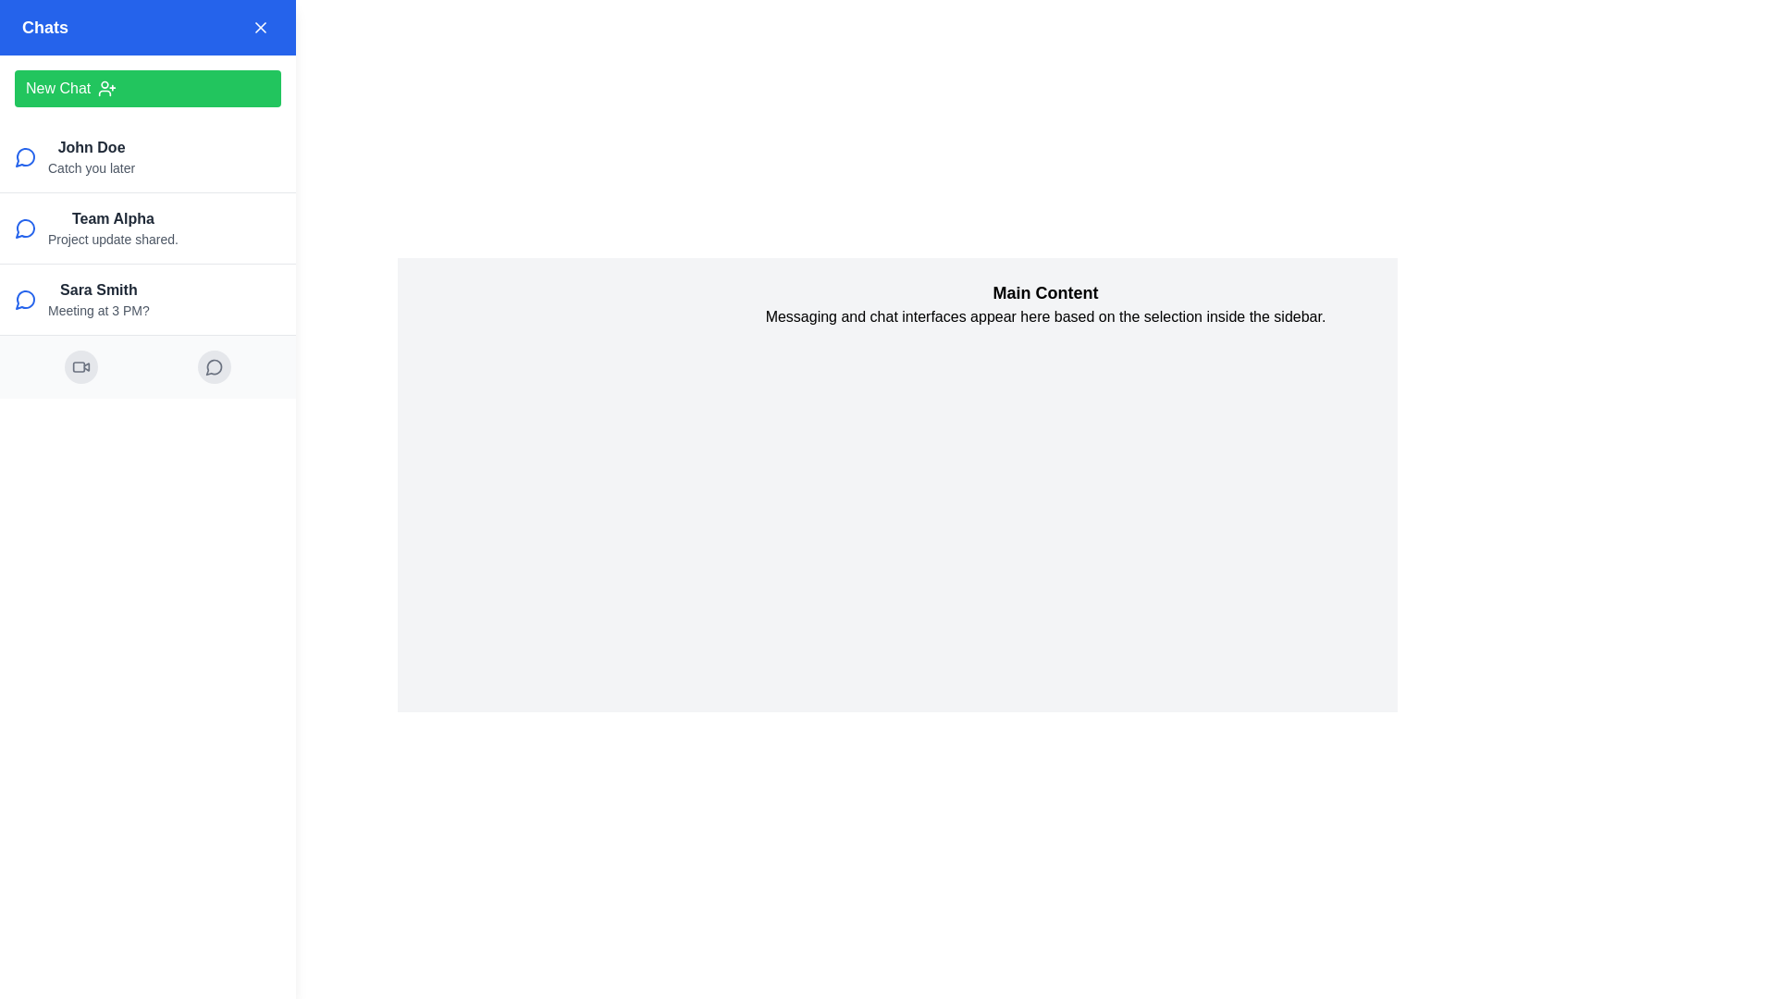  What do you see at coordinates (260, 28) in the screenshot?
I see `the 'X' icon located in the top-right corner of the left sidebar, adjacent to the blue header bar of the 'Chats' panel` at bounding box center [260, 28].